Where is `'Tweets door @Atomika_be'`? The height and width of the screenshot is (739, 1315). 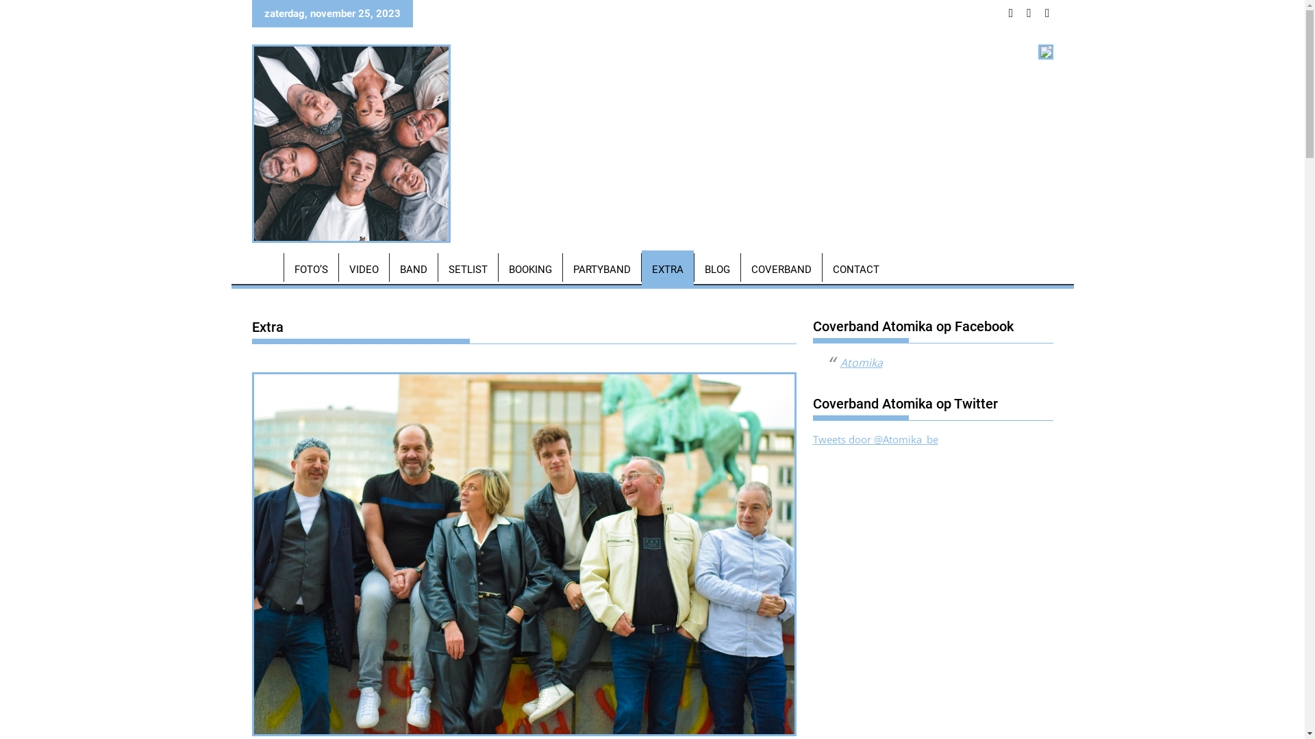 'Tweets door @Atomika_be' is located at coordinates (874, 439).